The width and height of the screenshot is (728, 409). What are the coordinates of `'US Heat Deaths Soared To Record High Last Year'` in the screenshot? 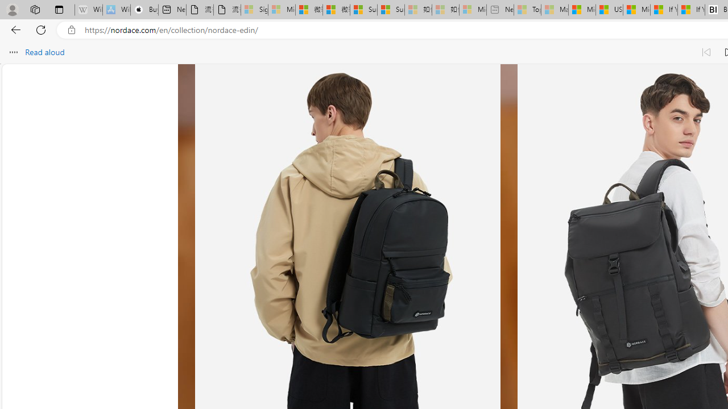 It's located at (609, 10).